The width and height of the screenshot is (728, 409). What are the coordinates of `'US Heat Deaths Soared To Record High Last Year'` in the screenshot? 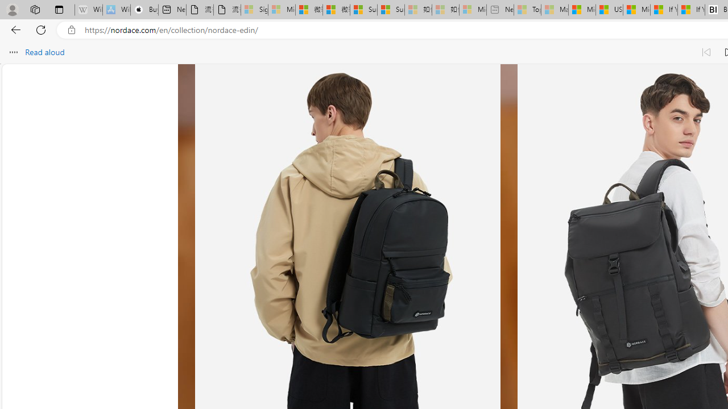 It's located at (609, 10).